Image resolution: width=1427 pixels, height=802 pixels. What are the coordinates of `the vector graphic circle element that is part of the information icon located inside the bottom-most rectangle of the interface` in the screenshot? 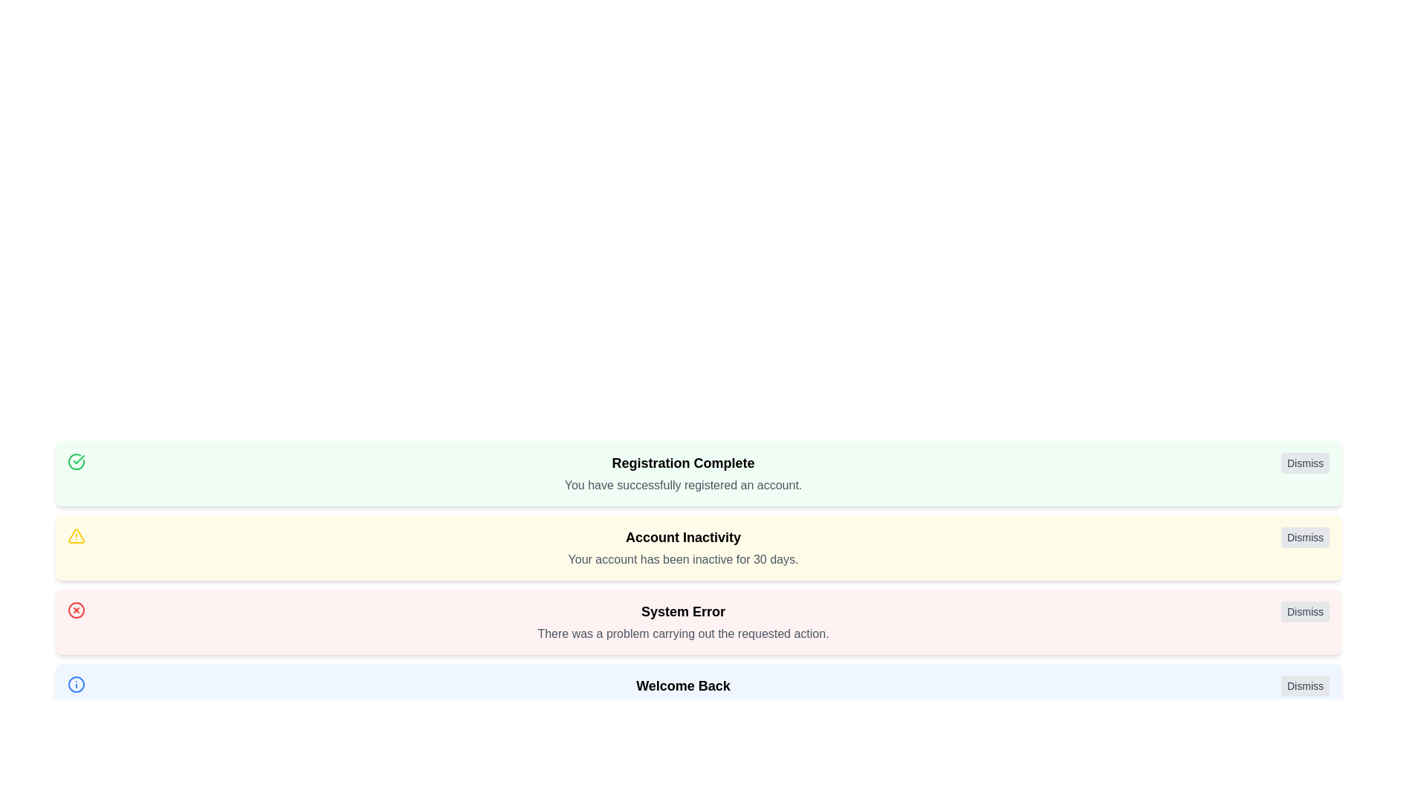 It's located at (75, 684).